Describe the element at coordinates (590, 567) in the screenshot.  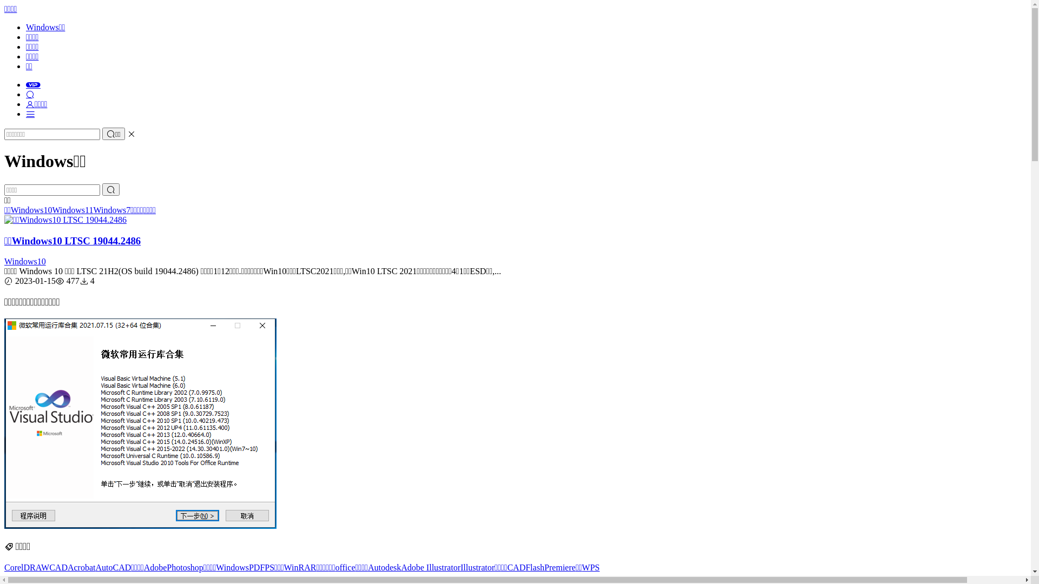
I see `'WPS'` at that location.